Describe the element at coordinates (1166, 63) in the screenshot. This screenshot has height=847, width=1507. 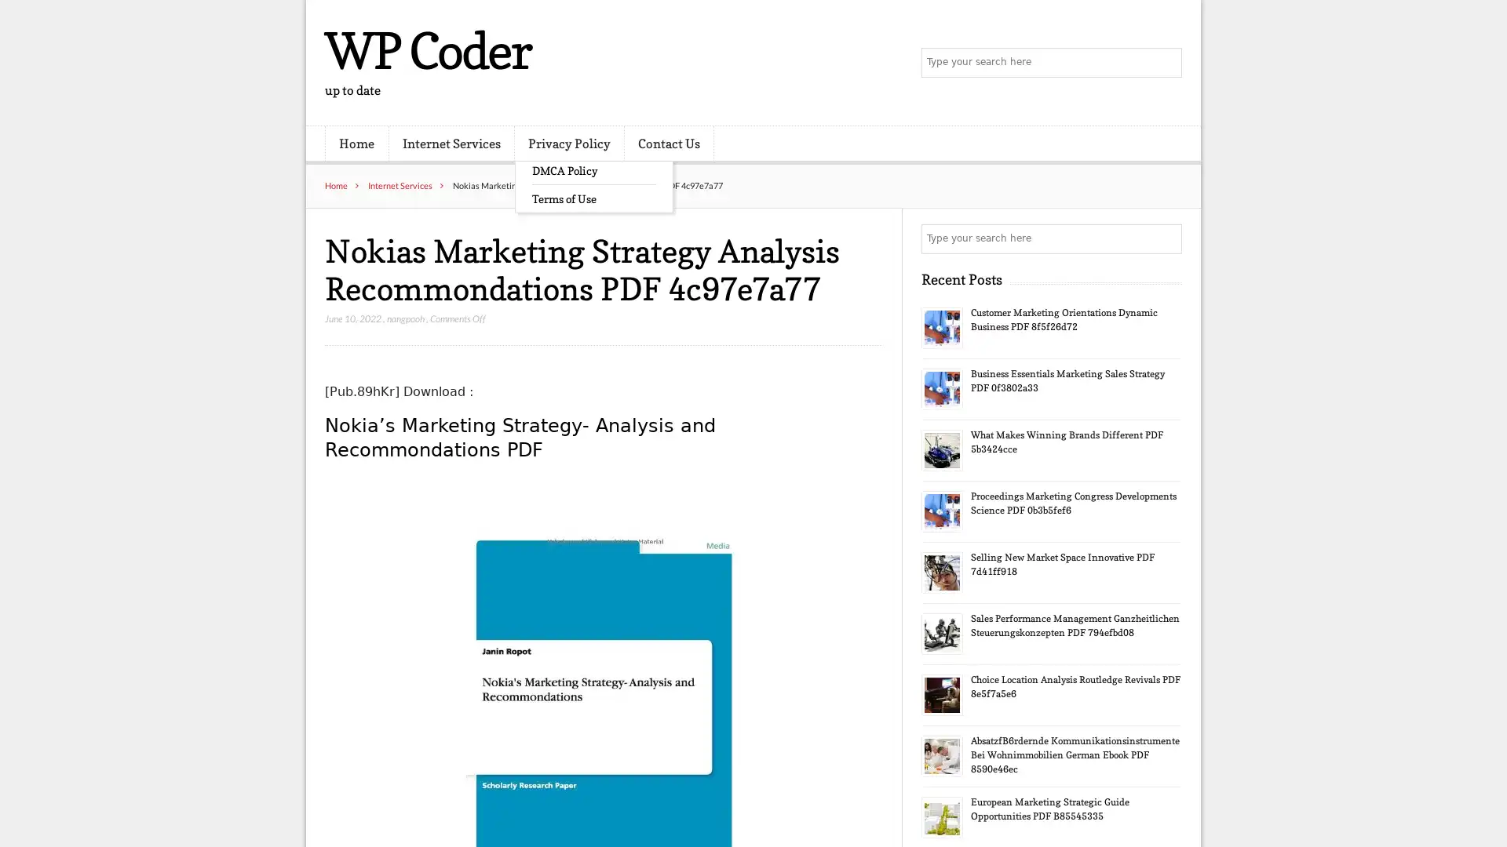
I see `Search` at that location.